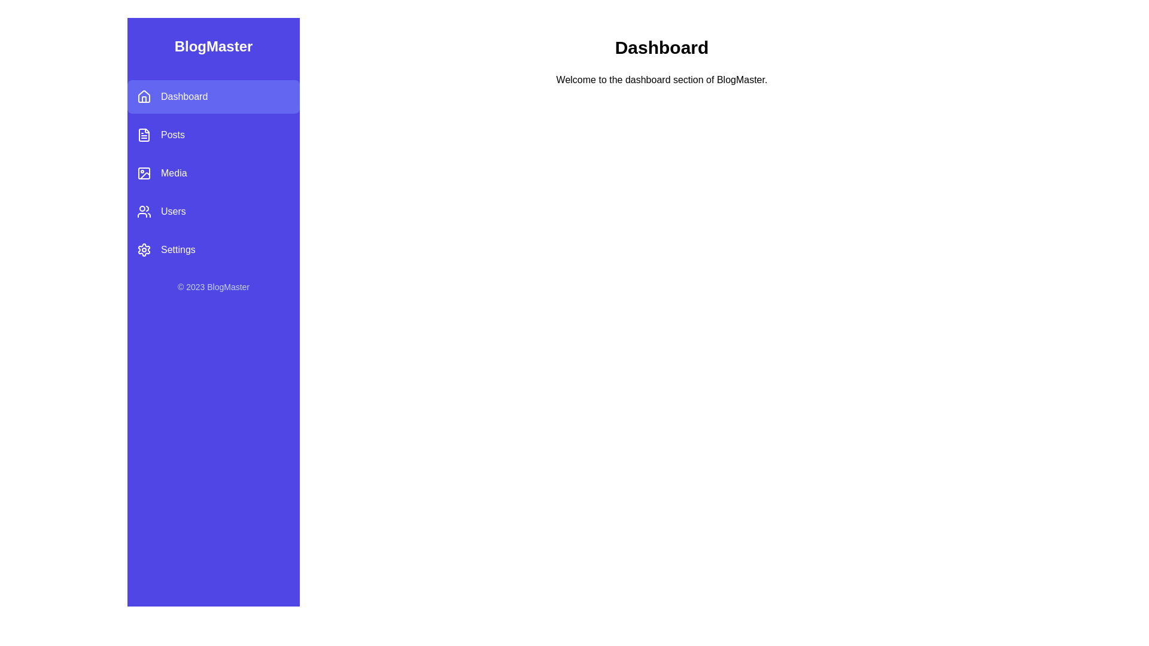 This screenshot has width=1149, height=646. Describe the element at coordinates (661, 47) in the screenshot. I see `the text label displaying 'Dashboard' which is a bold, large-sized heading located at the top center of the page` at that location.